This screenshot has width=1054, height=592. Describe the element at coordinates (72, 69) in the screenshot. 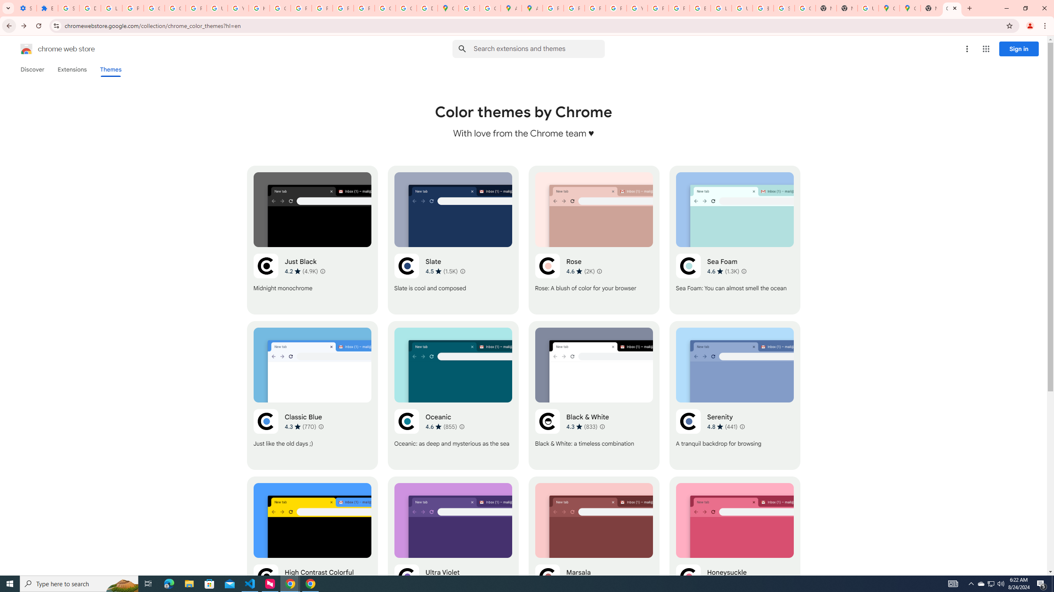

I see `'Extensions'` at that location.